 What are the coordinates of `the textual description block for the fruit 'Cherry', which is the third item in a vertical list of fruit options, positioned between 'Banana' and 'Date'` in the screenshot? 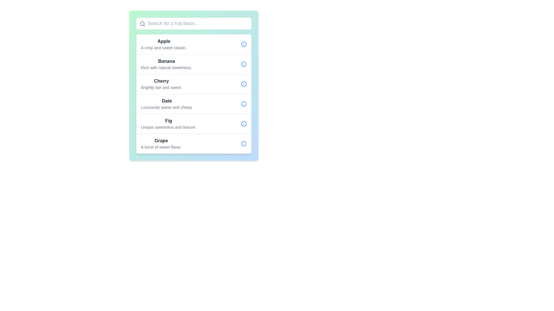 It's located at (161, 84).